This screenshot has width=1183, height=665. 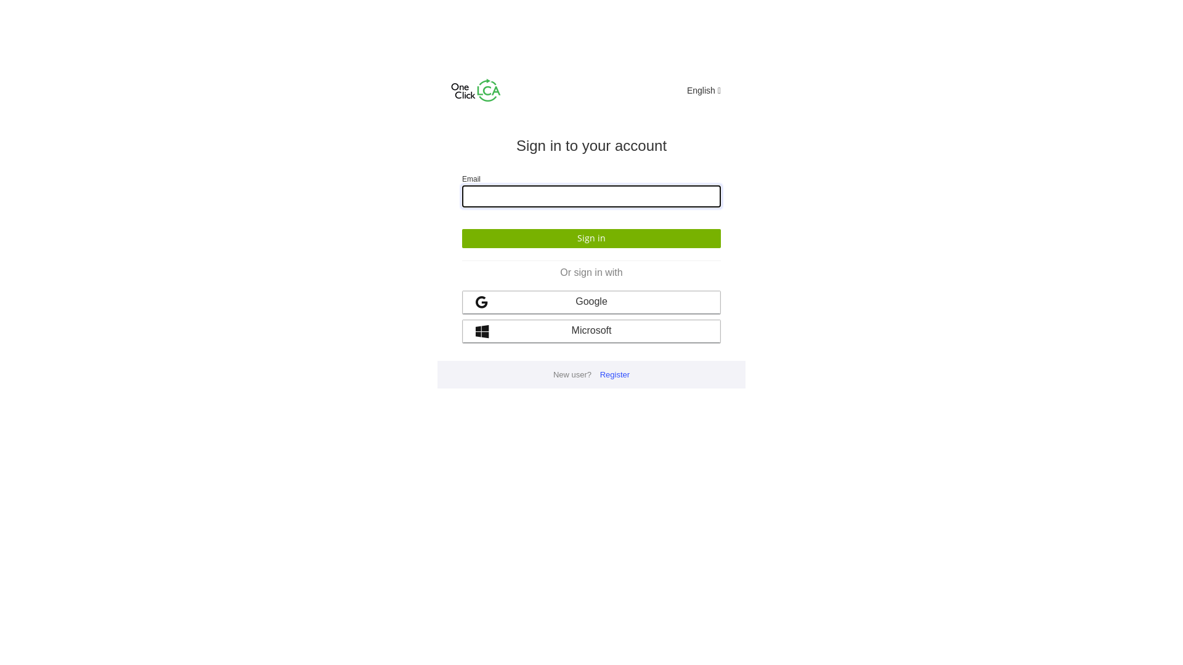 What do you see at coordinates (591, 238) in the screenshot?
I see `'Sign in'` at bounding box center [591, 238].